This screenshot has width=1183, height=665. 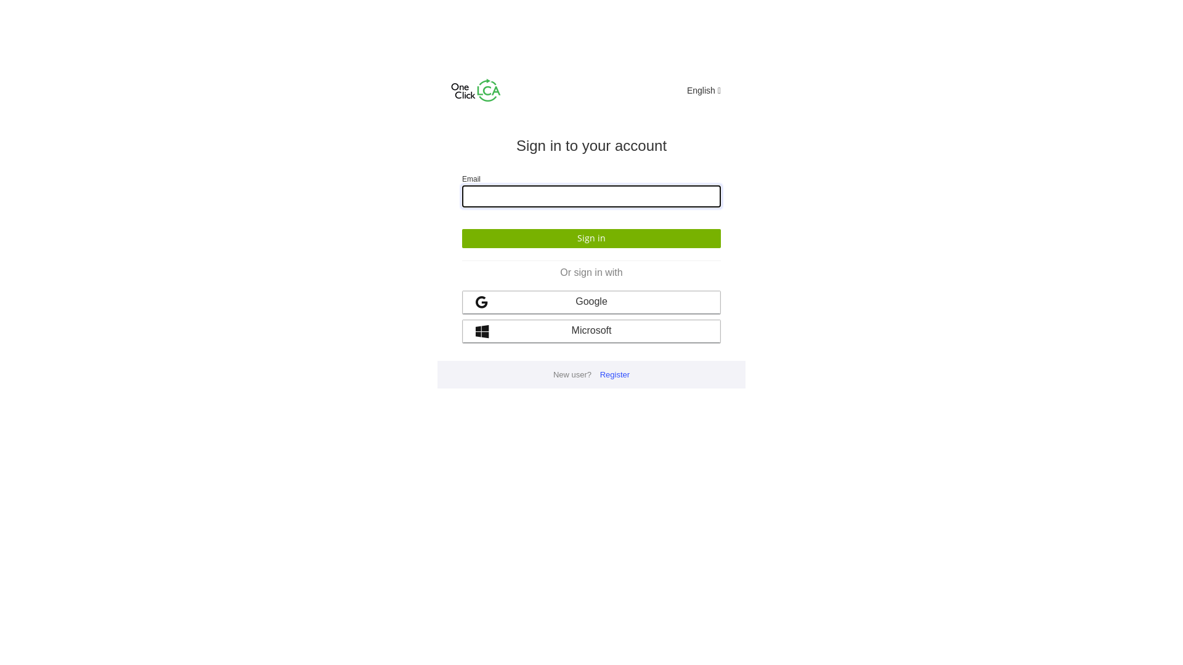 What do you see at coordinates (591, 238) in the screenshot?
I see `'Sign in'` at bounding box center [591, 238].